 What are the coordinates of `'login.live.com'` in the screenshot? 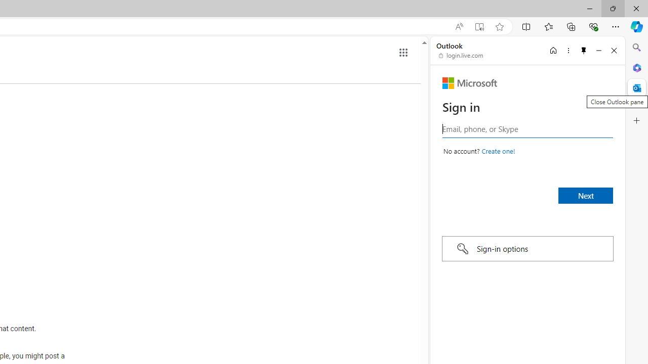 It's located at (461, 56).